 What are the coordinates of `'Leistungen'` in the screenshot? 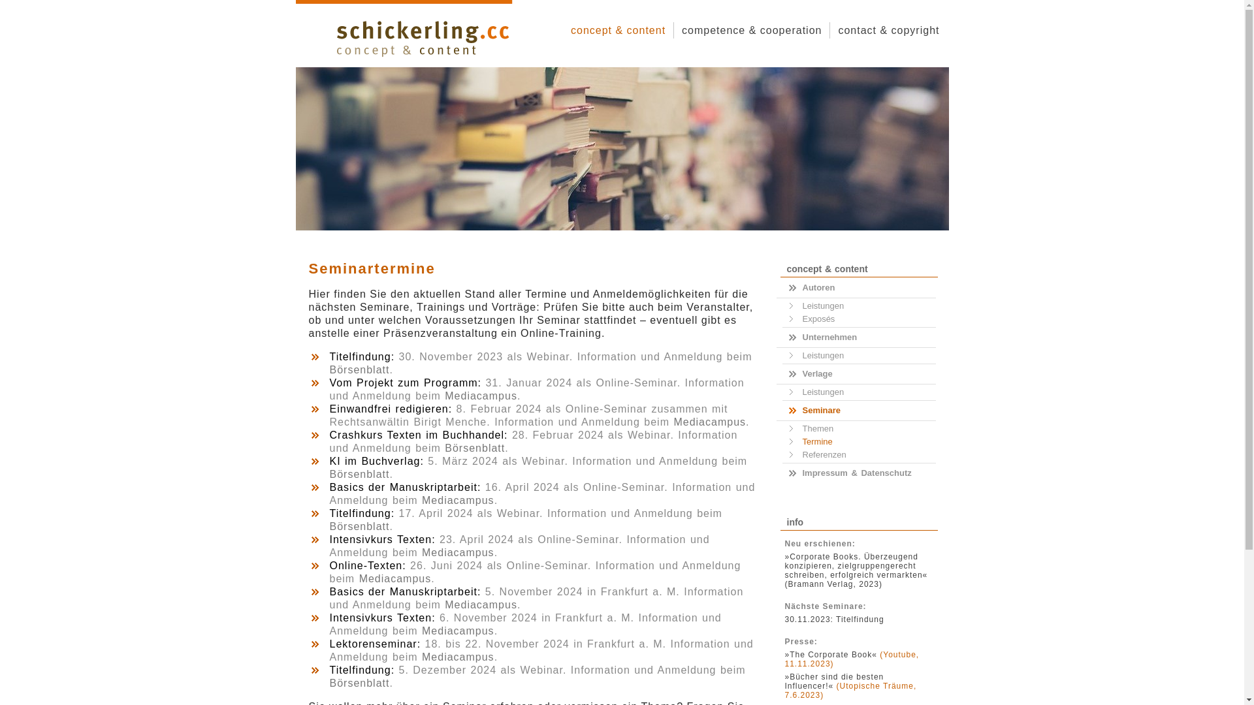 It's located at (856, 392).